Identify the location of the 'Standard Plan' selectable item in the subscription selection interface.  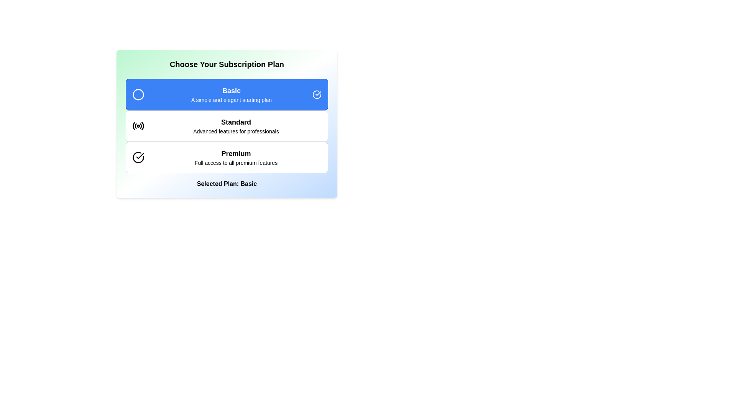
(226, 125).